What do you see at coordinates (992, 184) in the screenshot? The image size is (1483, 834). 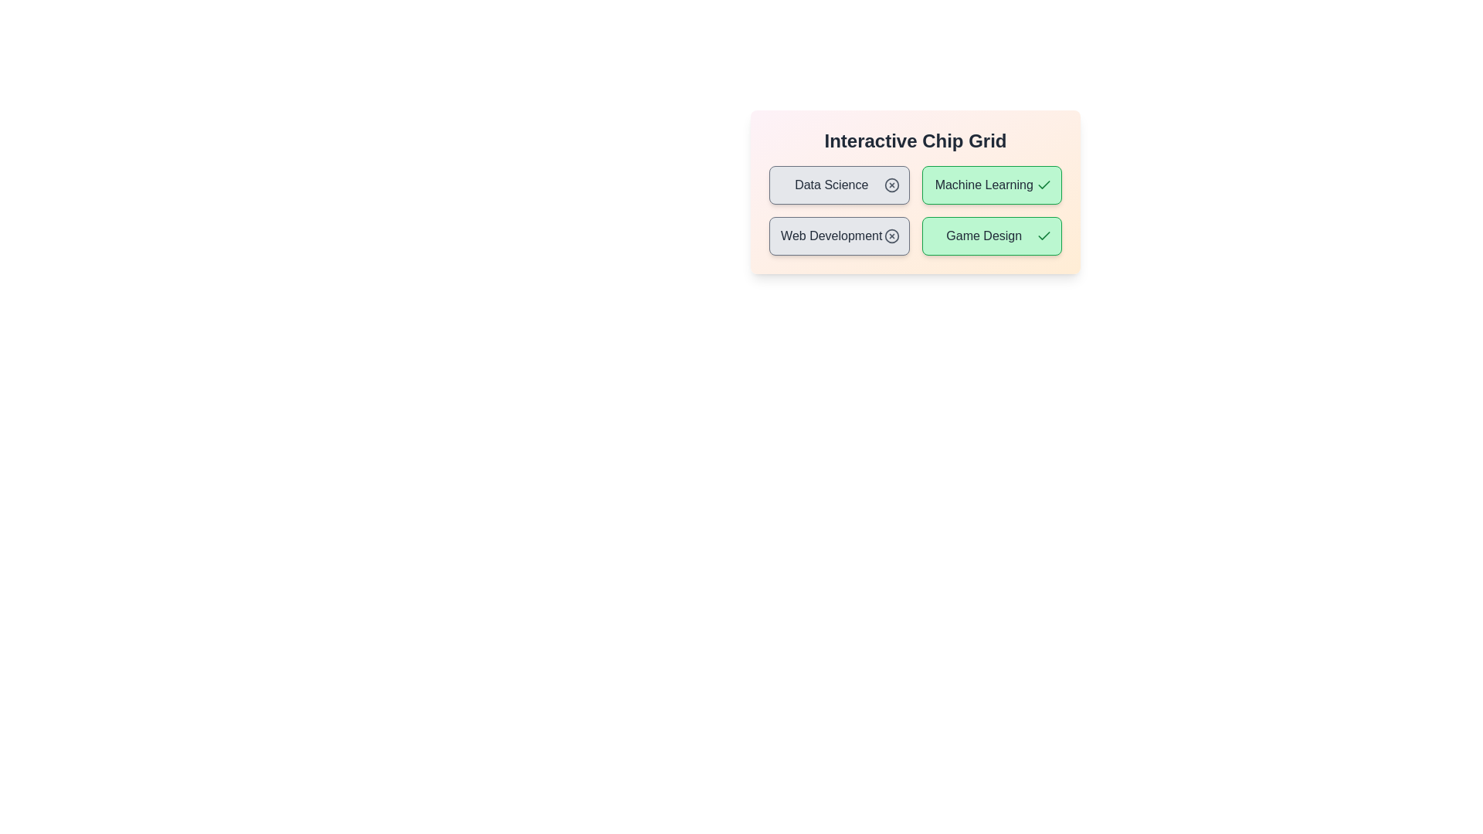 I see `the chip labeled Machine Learning to toggle its activation state` at bounding box center [992, 184].